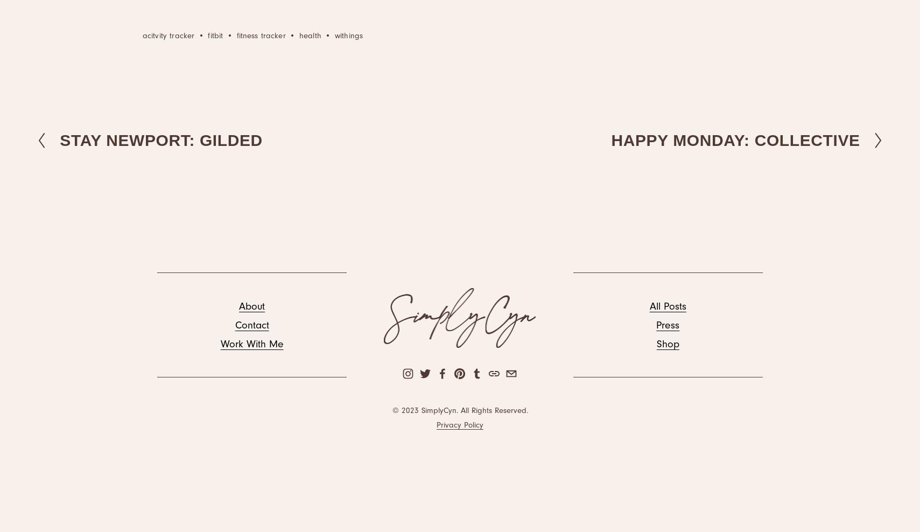 The image size is (920, 532). Describe the element at coordinates (160, 139) in the screenshot. I see `'STAY NEWPORT: GILDED'` at that location.